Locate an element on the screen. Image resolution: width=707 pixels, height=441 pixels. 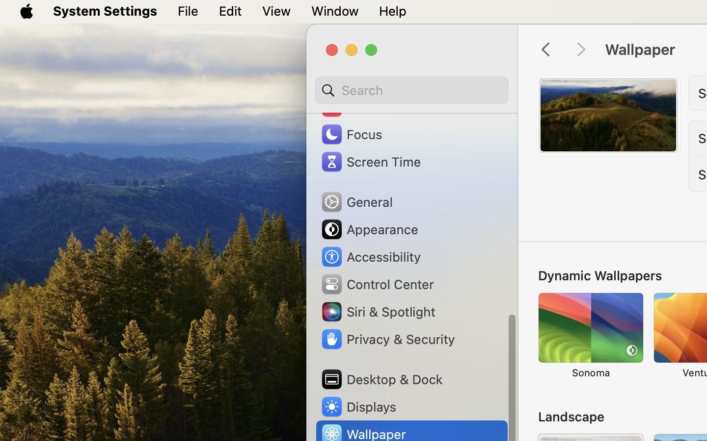
'Landscape' is located at coordinates (571, 416).